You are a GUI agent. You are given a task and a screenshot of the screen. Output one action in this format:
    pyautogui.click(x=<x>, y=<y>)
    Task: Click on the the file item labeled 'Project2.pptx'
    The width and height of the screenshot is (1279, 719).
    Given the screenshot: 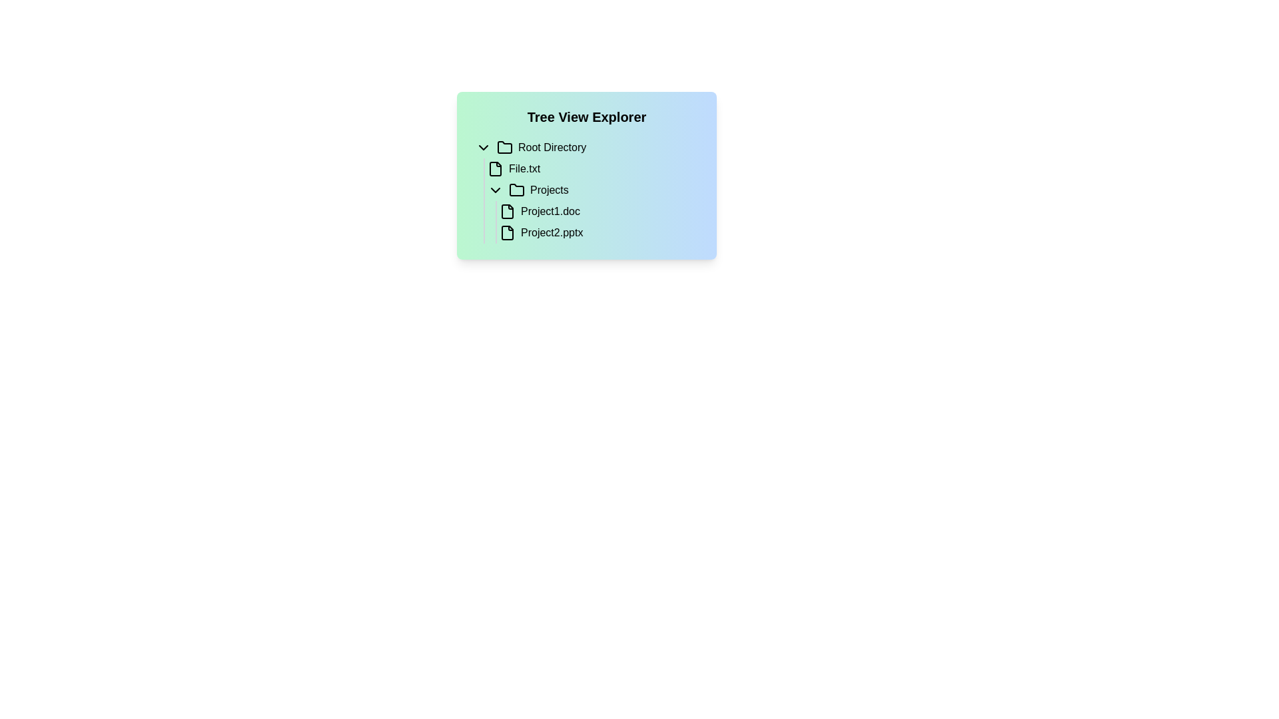 What is the action you would take?
    pyautogui.click(x=598, y=232)
    